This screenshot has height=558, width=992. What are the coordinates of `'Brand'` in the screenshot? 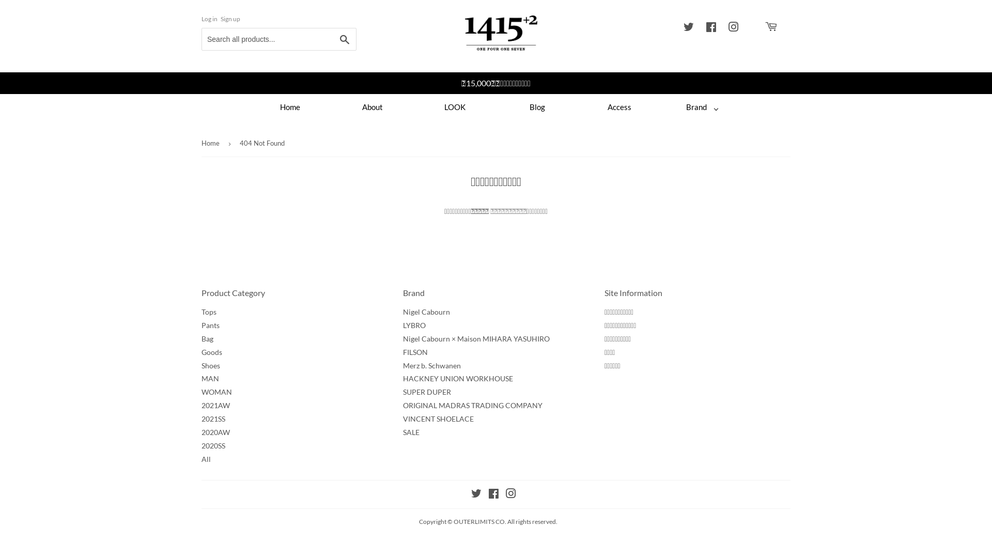 It's located at (660, 107).